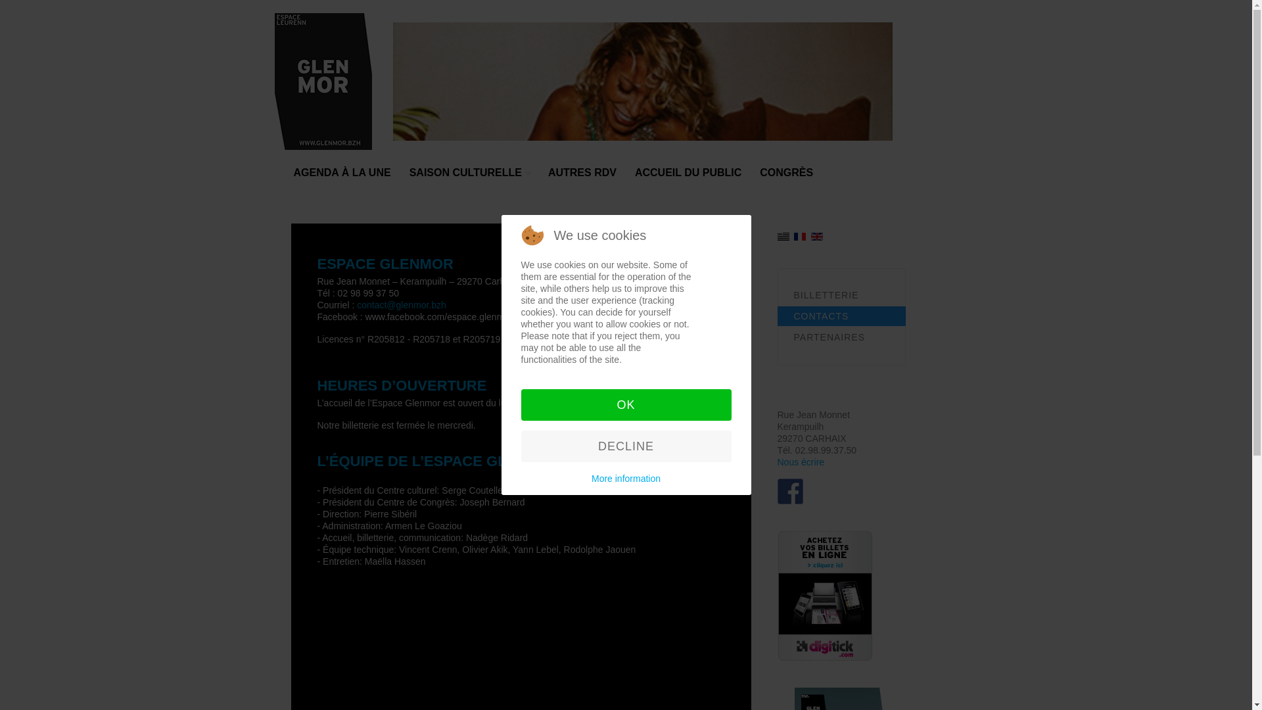 This screenshot has width=1262, height=710. I want to click on 'AUTRES RDV', so click(582, 177).